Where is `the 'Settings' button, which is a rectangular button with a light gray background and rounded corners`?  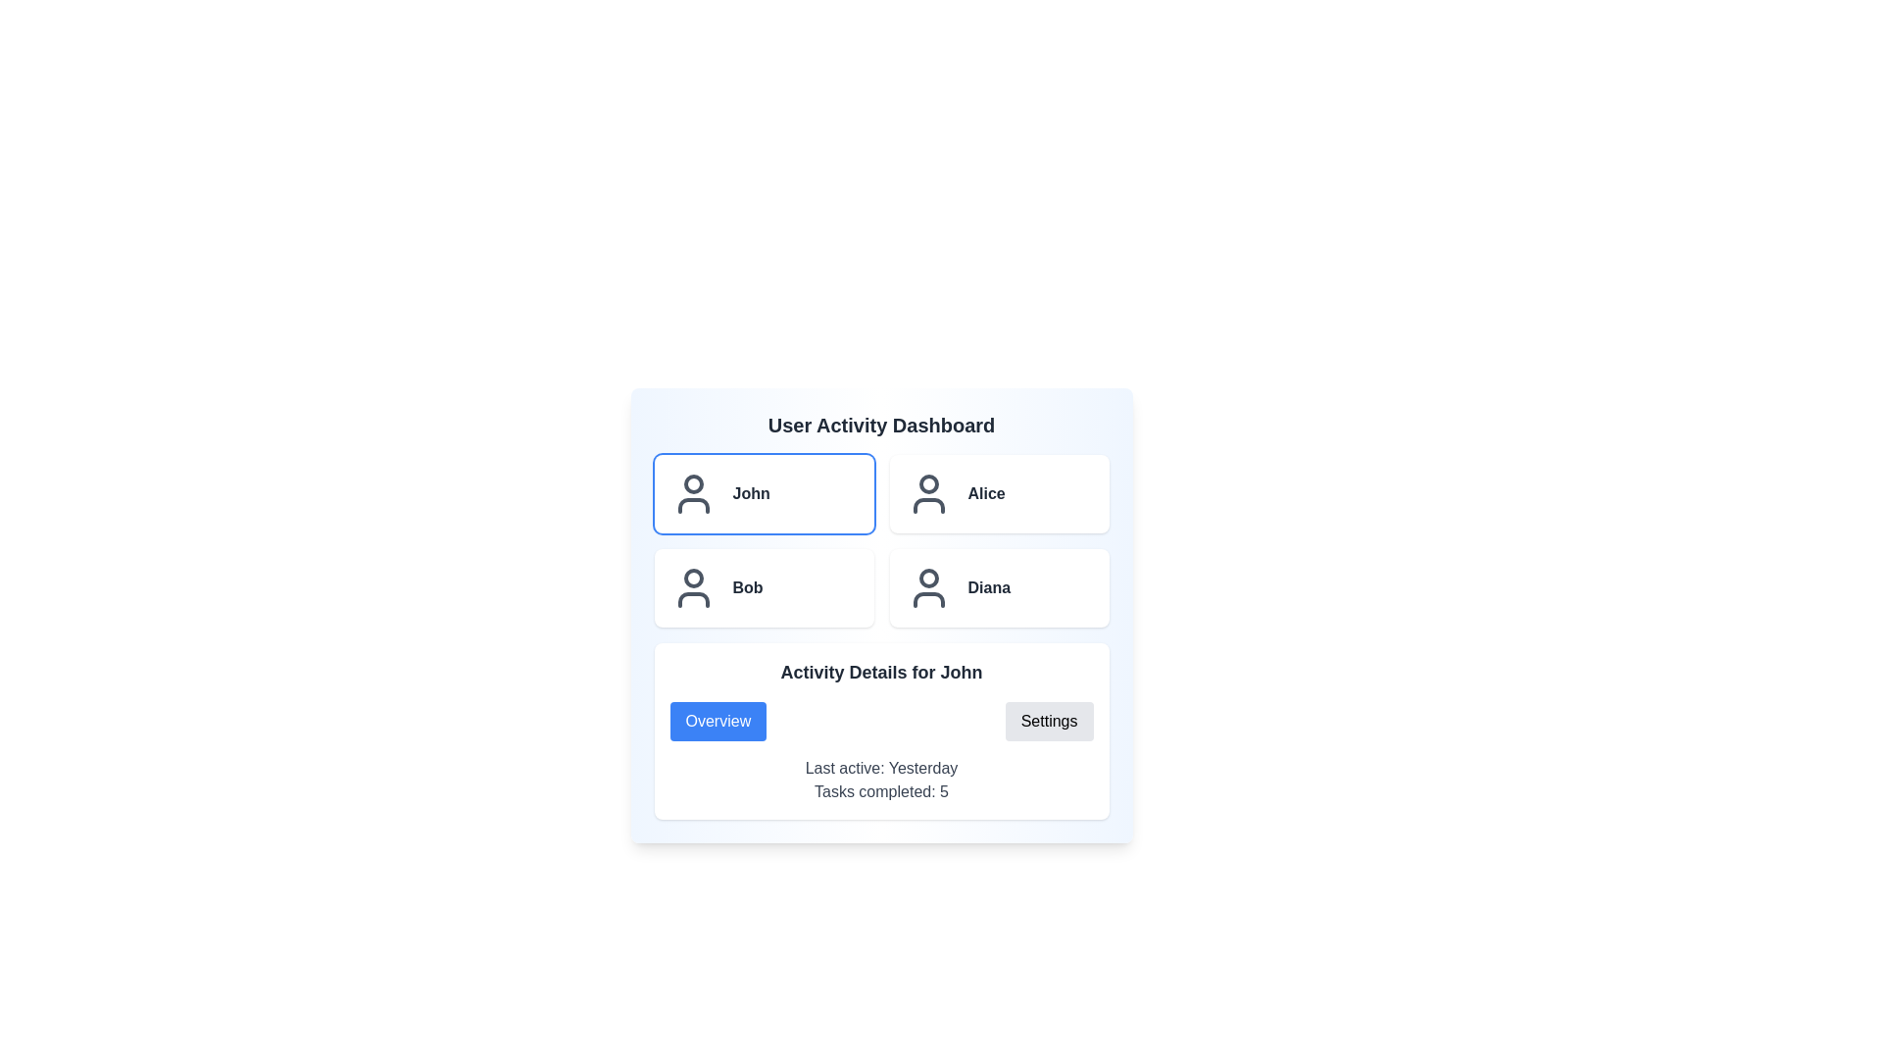 the 'Settings' button, which is a rectangular button with a light gray background and rounded corners is located at coordinates (1048, 722).